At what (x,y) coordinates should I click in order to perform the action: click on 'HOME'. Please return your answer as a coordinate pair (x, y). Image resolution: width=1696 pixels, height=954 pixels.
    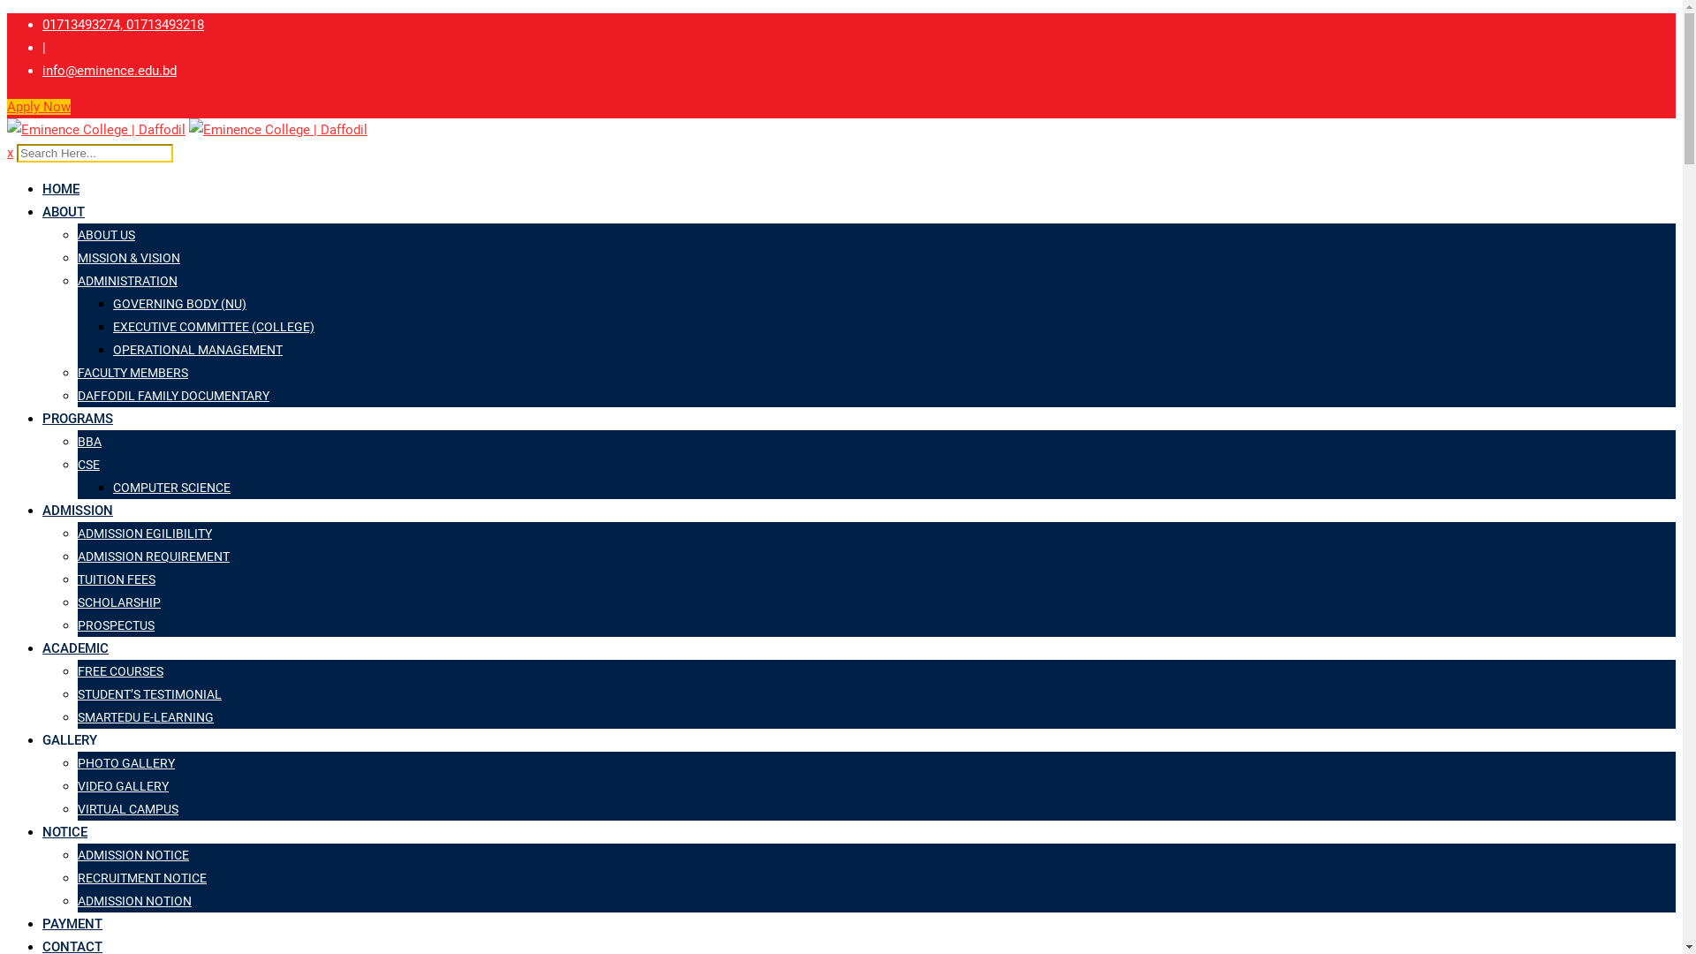
    Looking at the image, I should click on (60, 188).